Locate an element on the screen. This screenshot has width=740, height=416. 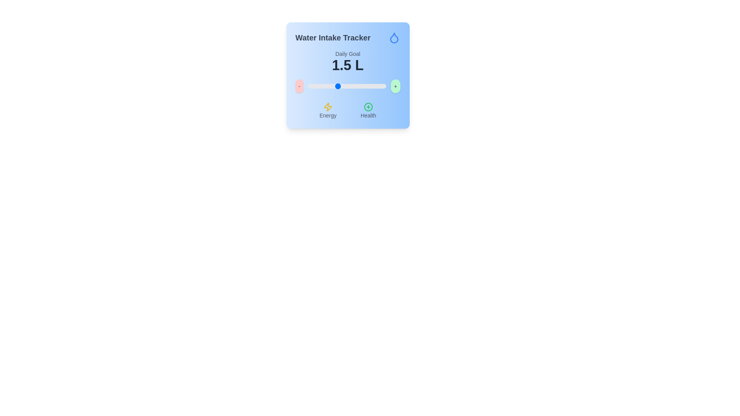
the slider is located at coordinates (308, 86).